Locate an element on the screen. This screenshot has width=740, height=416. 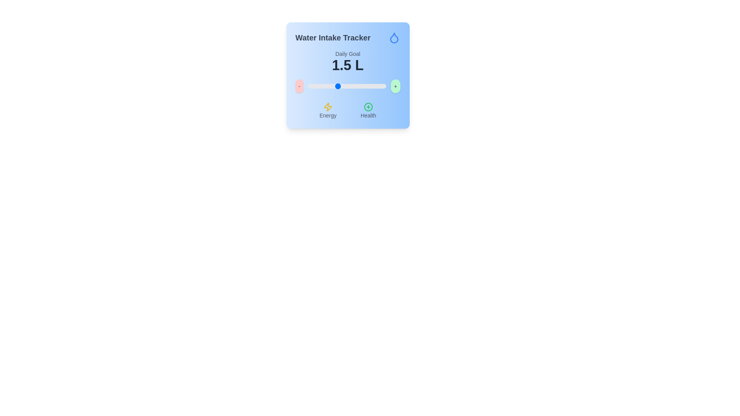
the slider is located at coordinates (308, 86).